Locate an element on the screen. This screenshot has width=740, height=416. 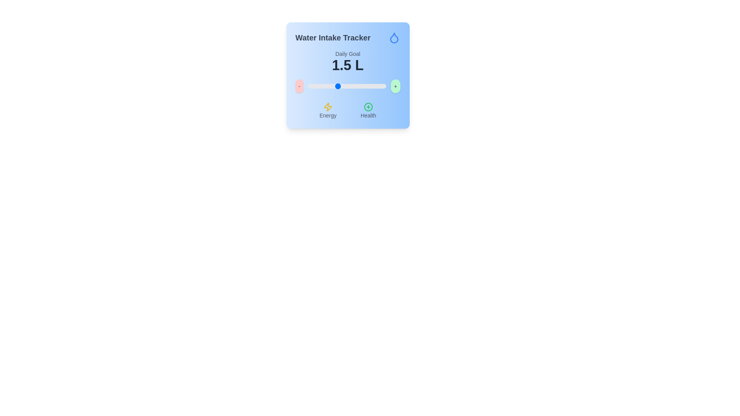
the slider is located at coordinates (308, 86).